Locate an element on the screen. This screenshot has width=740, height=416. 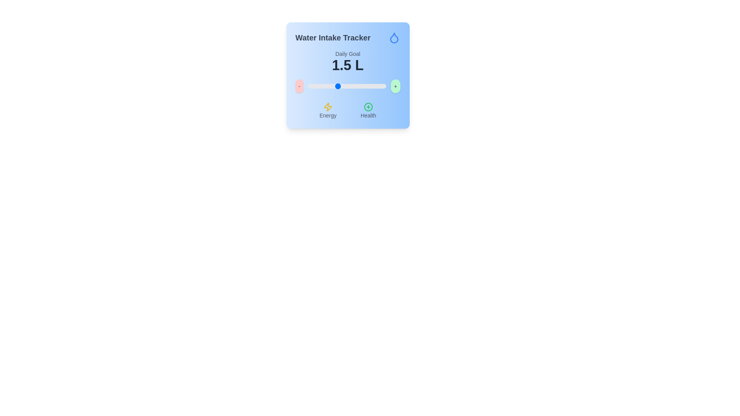
the slider is located at coordinates (308, 86).